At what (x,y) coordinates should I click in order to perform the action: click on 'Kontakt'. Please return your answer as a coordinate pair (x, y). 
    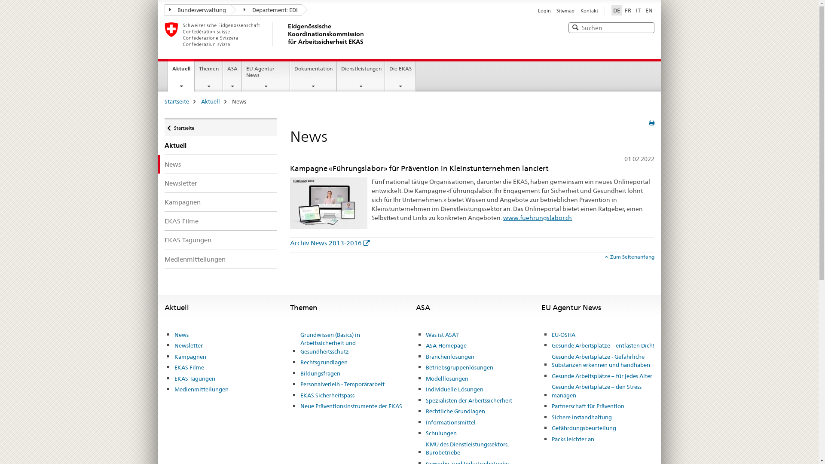
    Looking at the image, I should click on (580, 10).